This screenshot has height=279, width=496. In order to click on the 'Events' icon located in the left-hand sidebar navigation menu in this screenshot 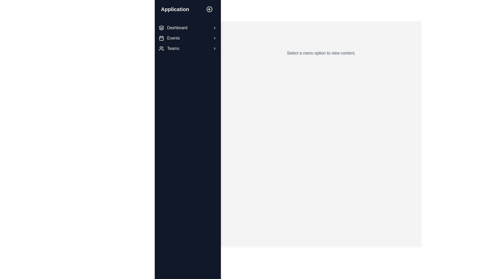, I will do `click(161, 38)`.